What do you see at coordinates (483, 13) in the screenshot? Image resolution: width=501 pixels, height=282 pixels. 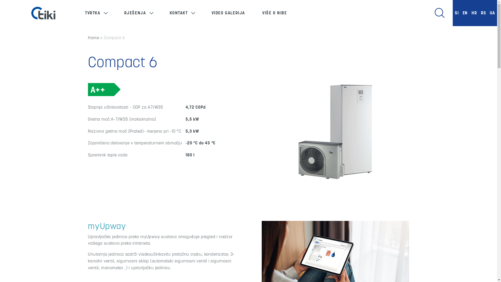 I see `'RS'` at bounding box center [483, 13].